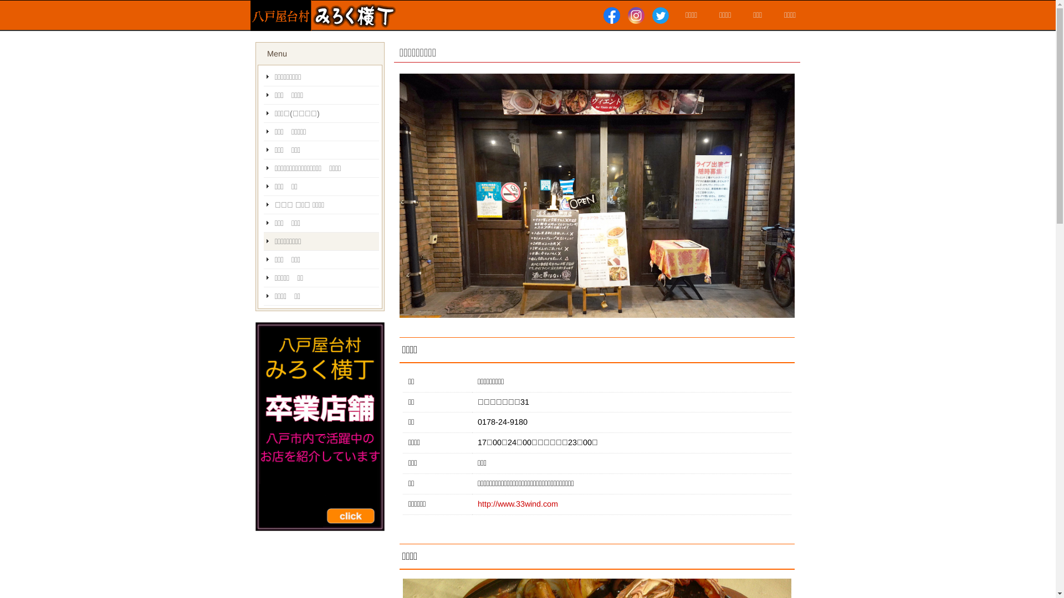 This screenshot has width=1064, height=598. Describe the element at coordinates (478, 504) in the screenshot. I see `'http://www.33wind.com'` at that location.